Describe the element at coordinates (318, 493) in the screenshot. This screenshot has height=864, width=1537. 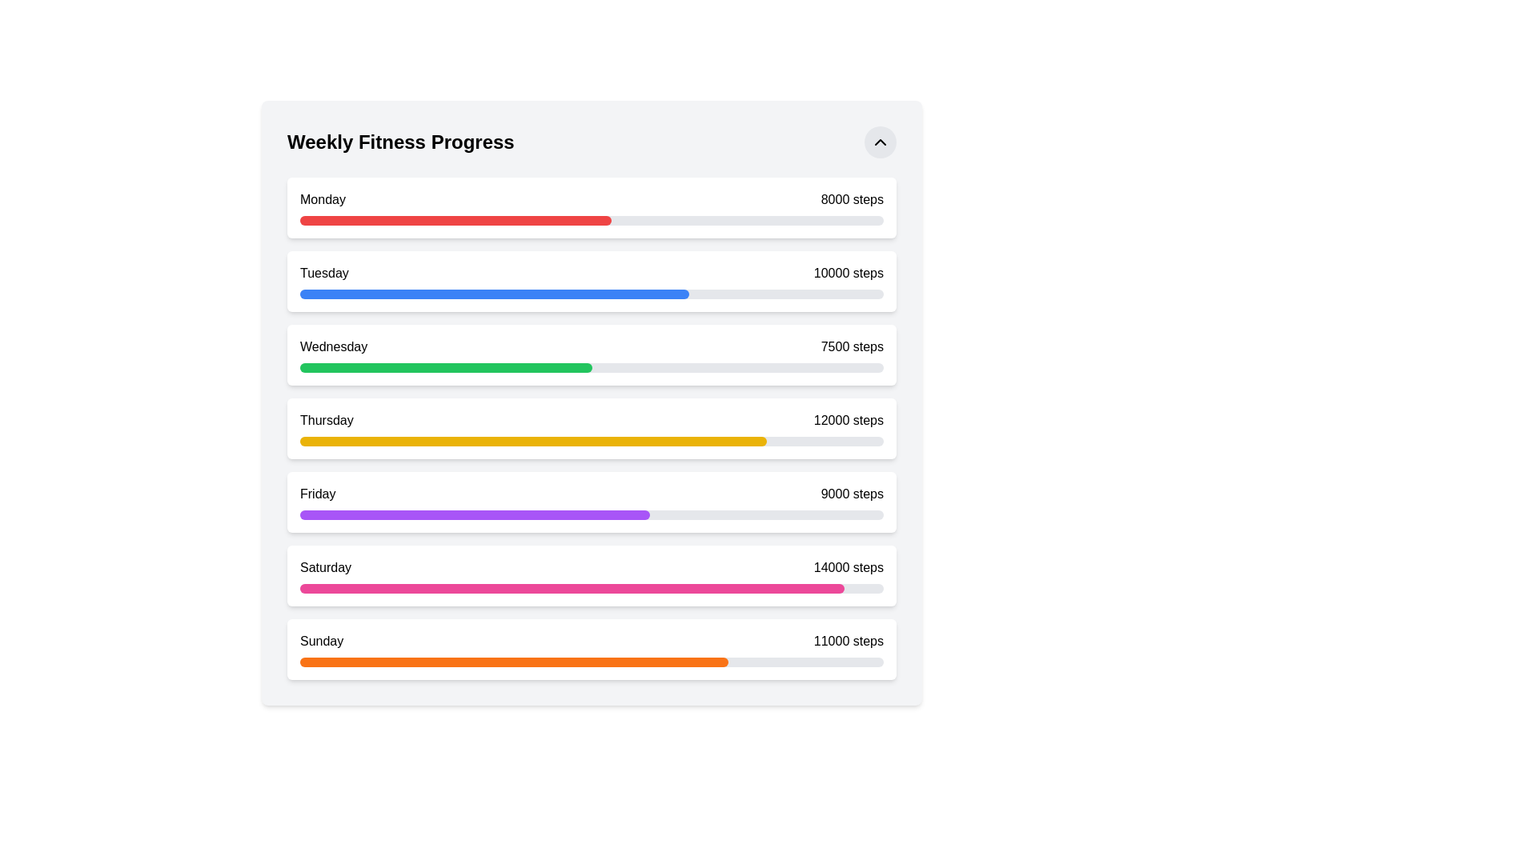
I see `the text label that identifies the day 'Friday' in the activity tracker view, positioned to the left of the metric '9000 steps'` at that location.